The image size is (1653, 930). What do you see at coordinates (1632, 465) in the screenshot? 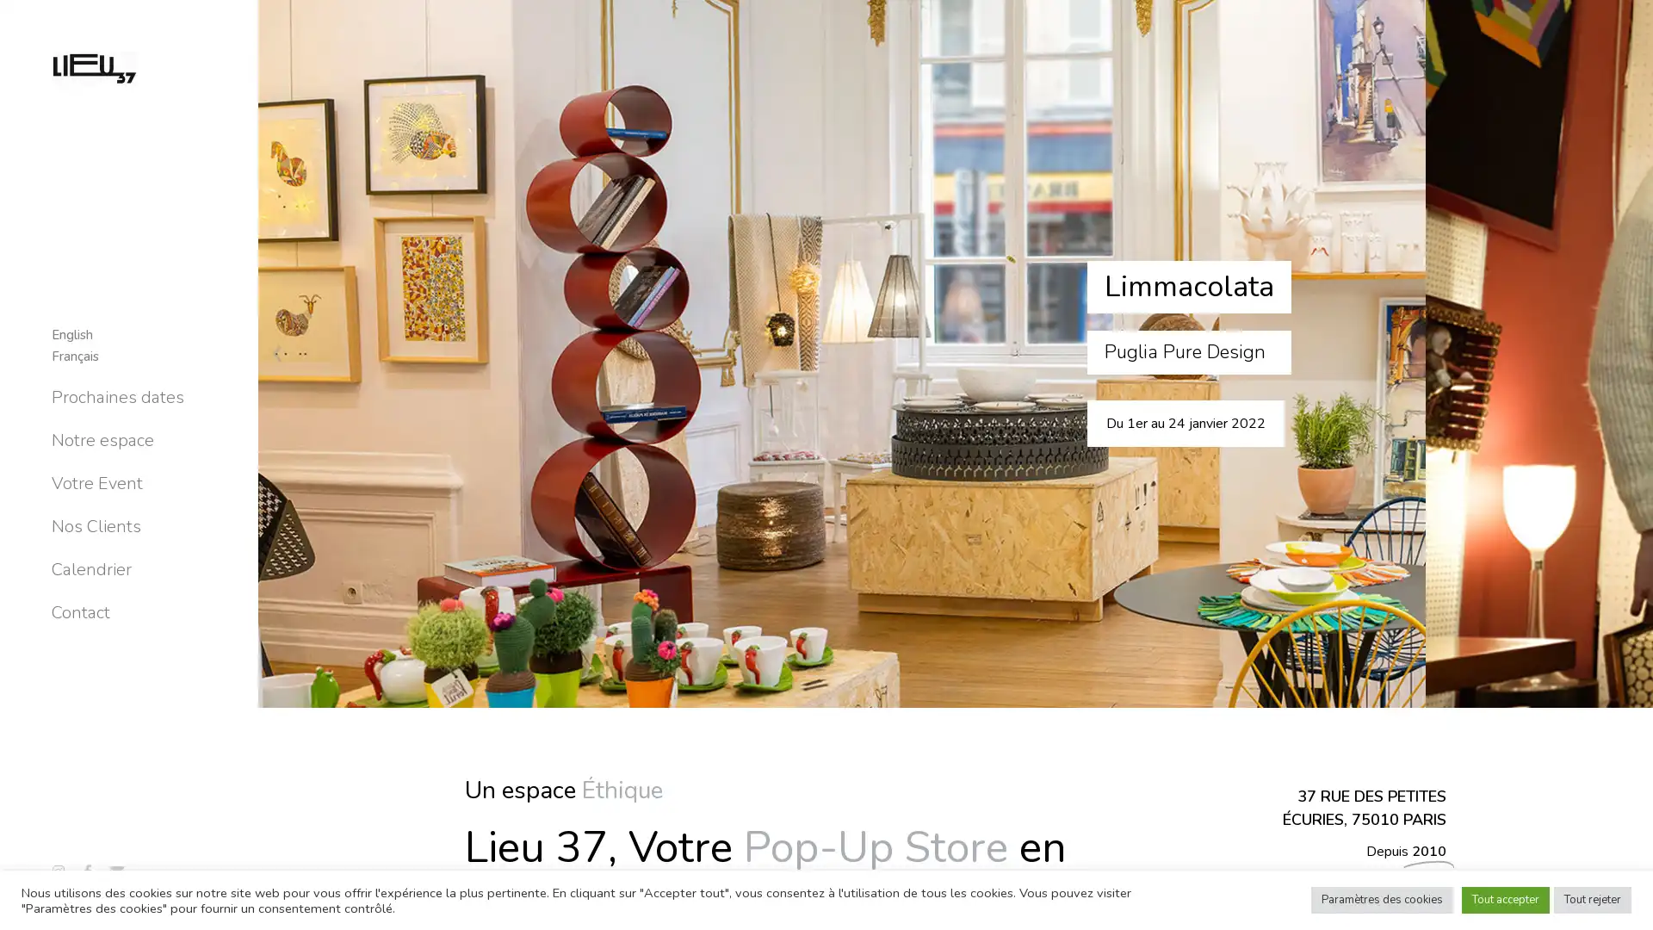
I see `Next slide` at bounding box center [1632, 465].